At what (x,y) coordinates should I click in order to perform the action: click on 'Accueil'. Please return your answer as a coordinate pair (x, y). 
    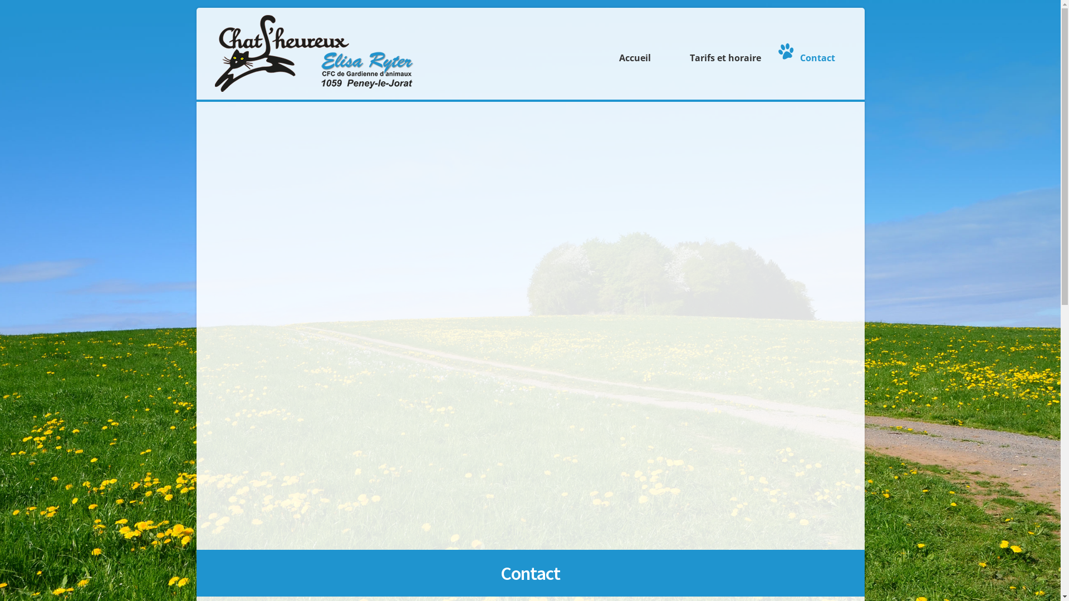
    Looking at the image, I should click on (632, 51).